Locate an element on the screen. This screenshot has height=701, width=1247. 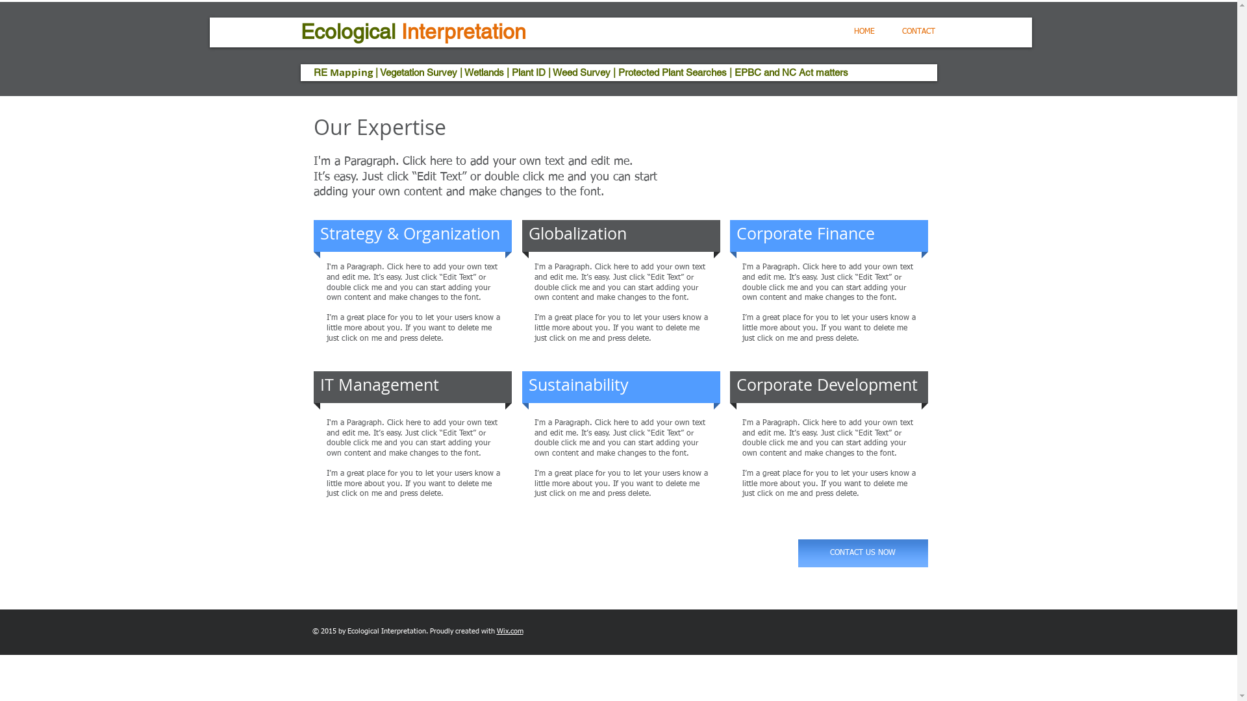
'Wix.com' is located at coordinates (509, 630).